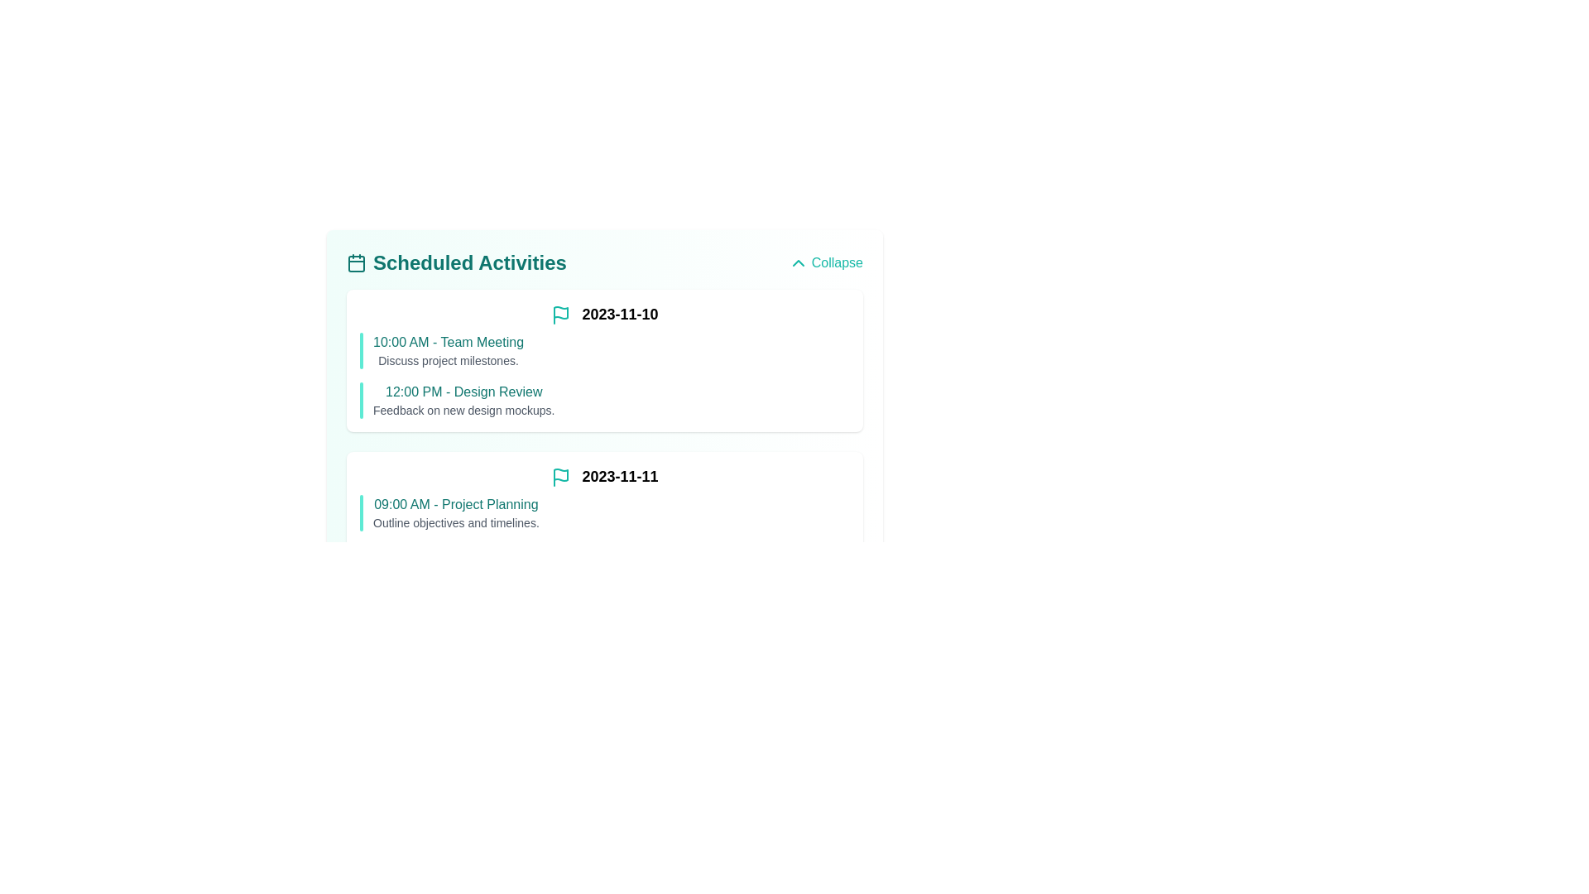  I want to click on the Text Label providing additional descriptive information about the activity scheduled for 10:00 AM, which is located within the card under 'Scheduled Activities.', so click(449, 359).